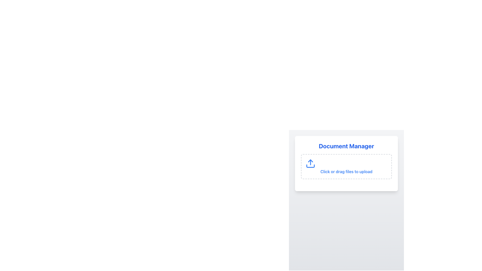 The image size is (482, 271). Describe the element at coordinates (346, 166) in the screenshot. I see `files into the interactive upload area located centrally beneath the 'Document Manager' title` at that location.